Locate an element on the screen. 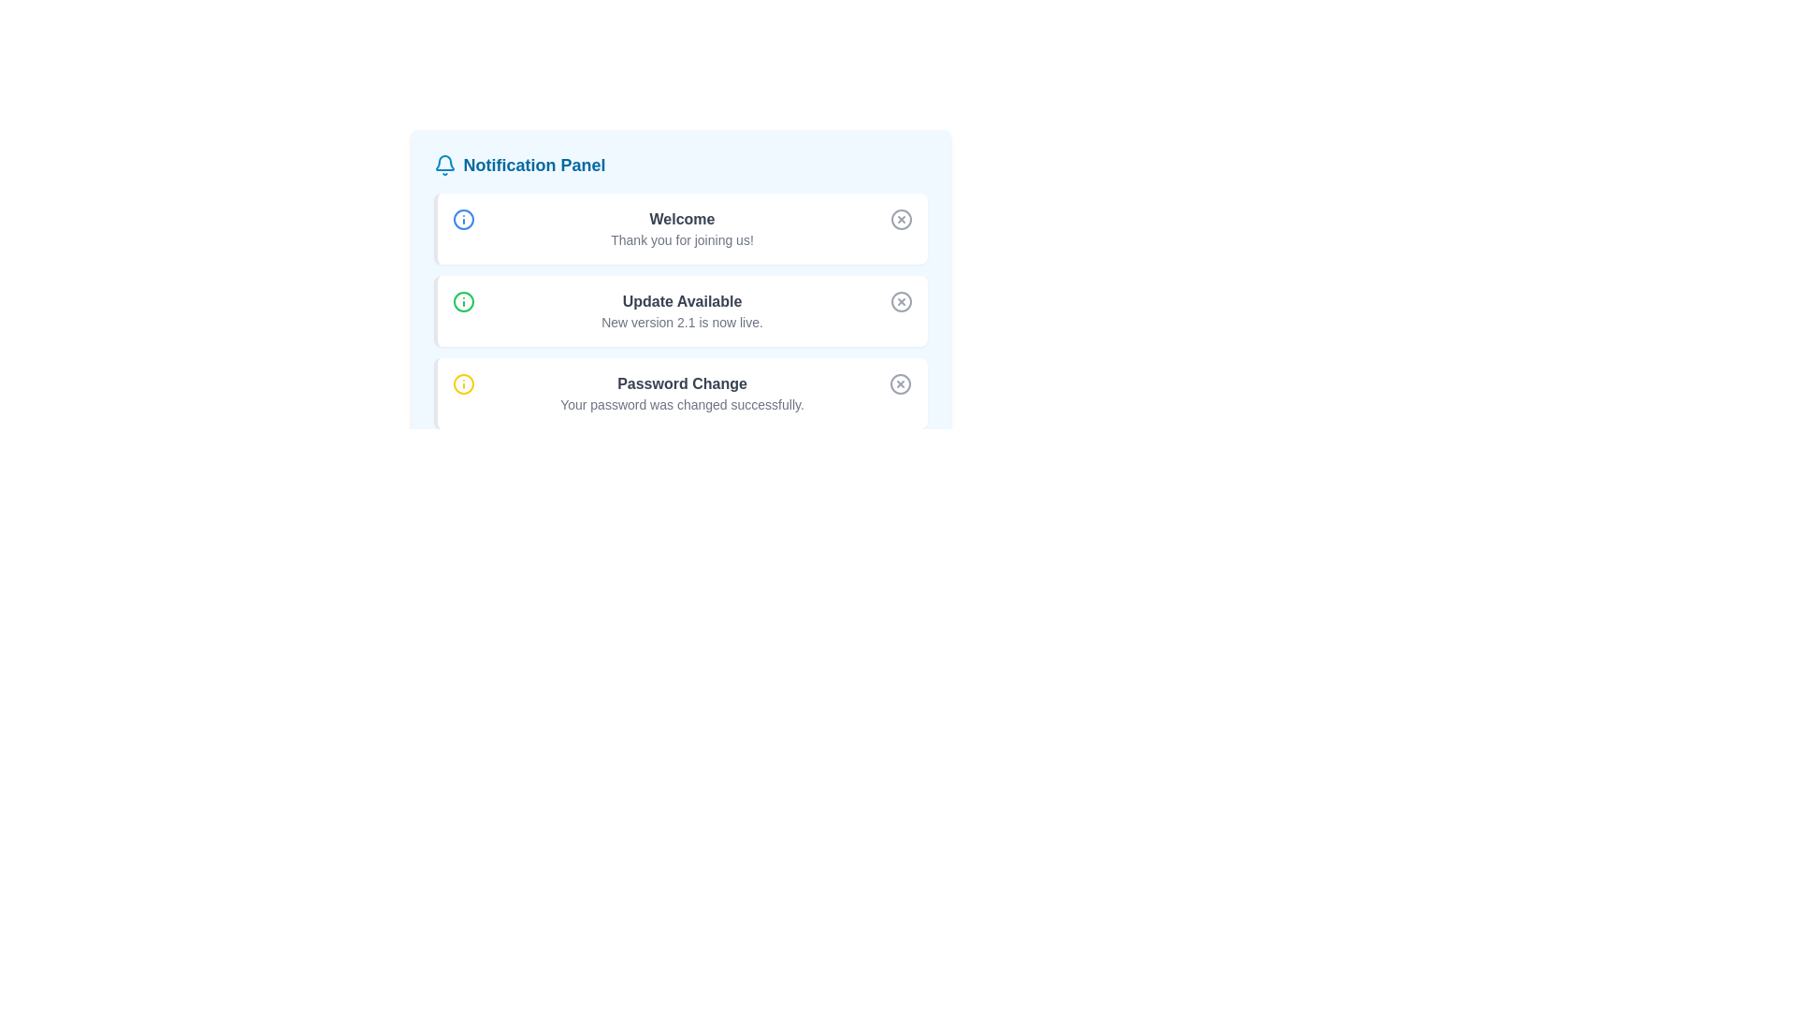  the bell-shaped notification icon located at the leftmost position of the 'Notification Panel' header, which is styled with a blue stroke is located at coordinates (443, 165).